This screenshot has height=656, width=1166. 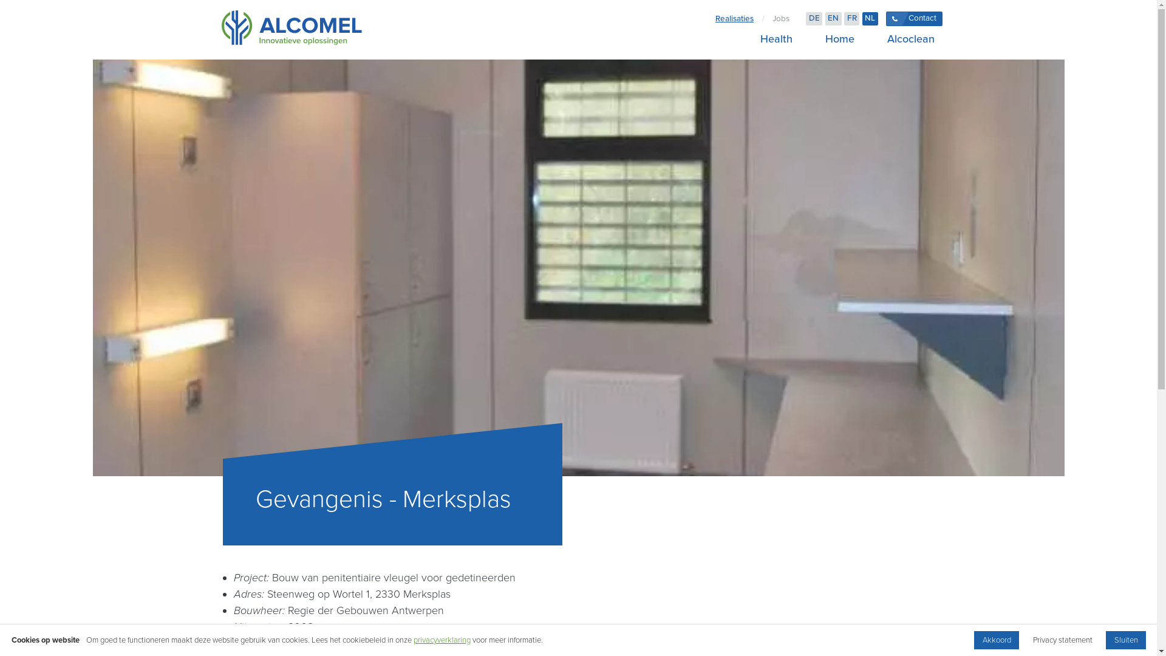 I want to click on 'Realisaties', so click(x=734, y=19).